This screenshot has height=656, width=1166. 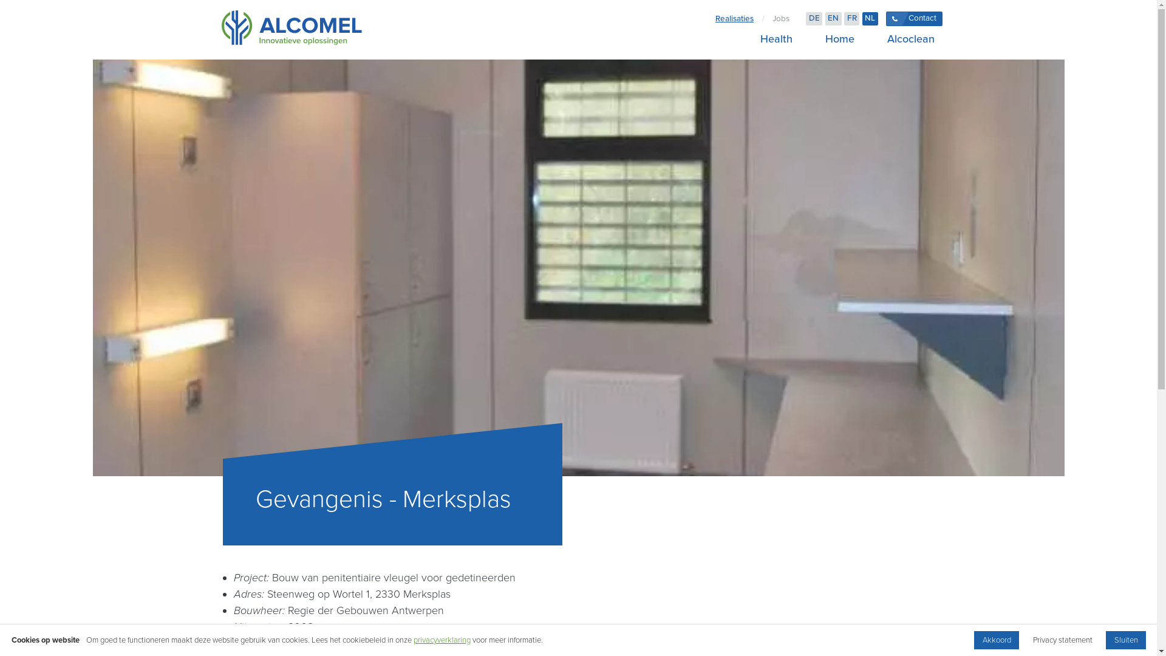 I want to click on 'Realisaties', so click(x=734, y=19).